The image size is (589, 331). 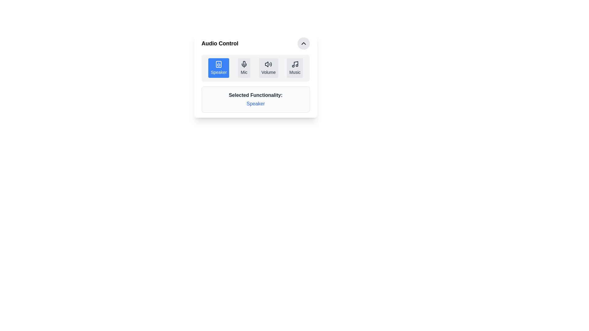 I want to click on the 'Speaker' icon located in the Audio Control section, so click(x=219, y=64).